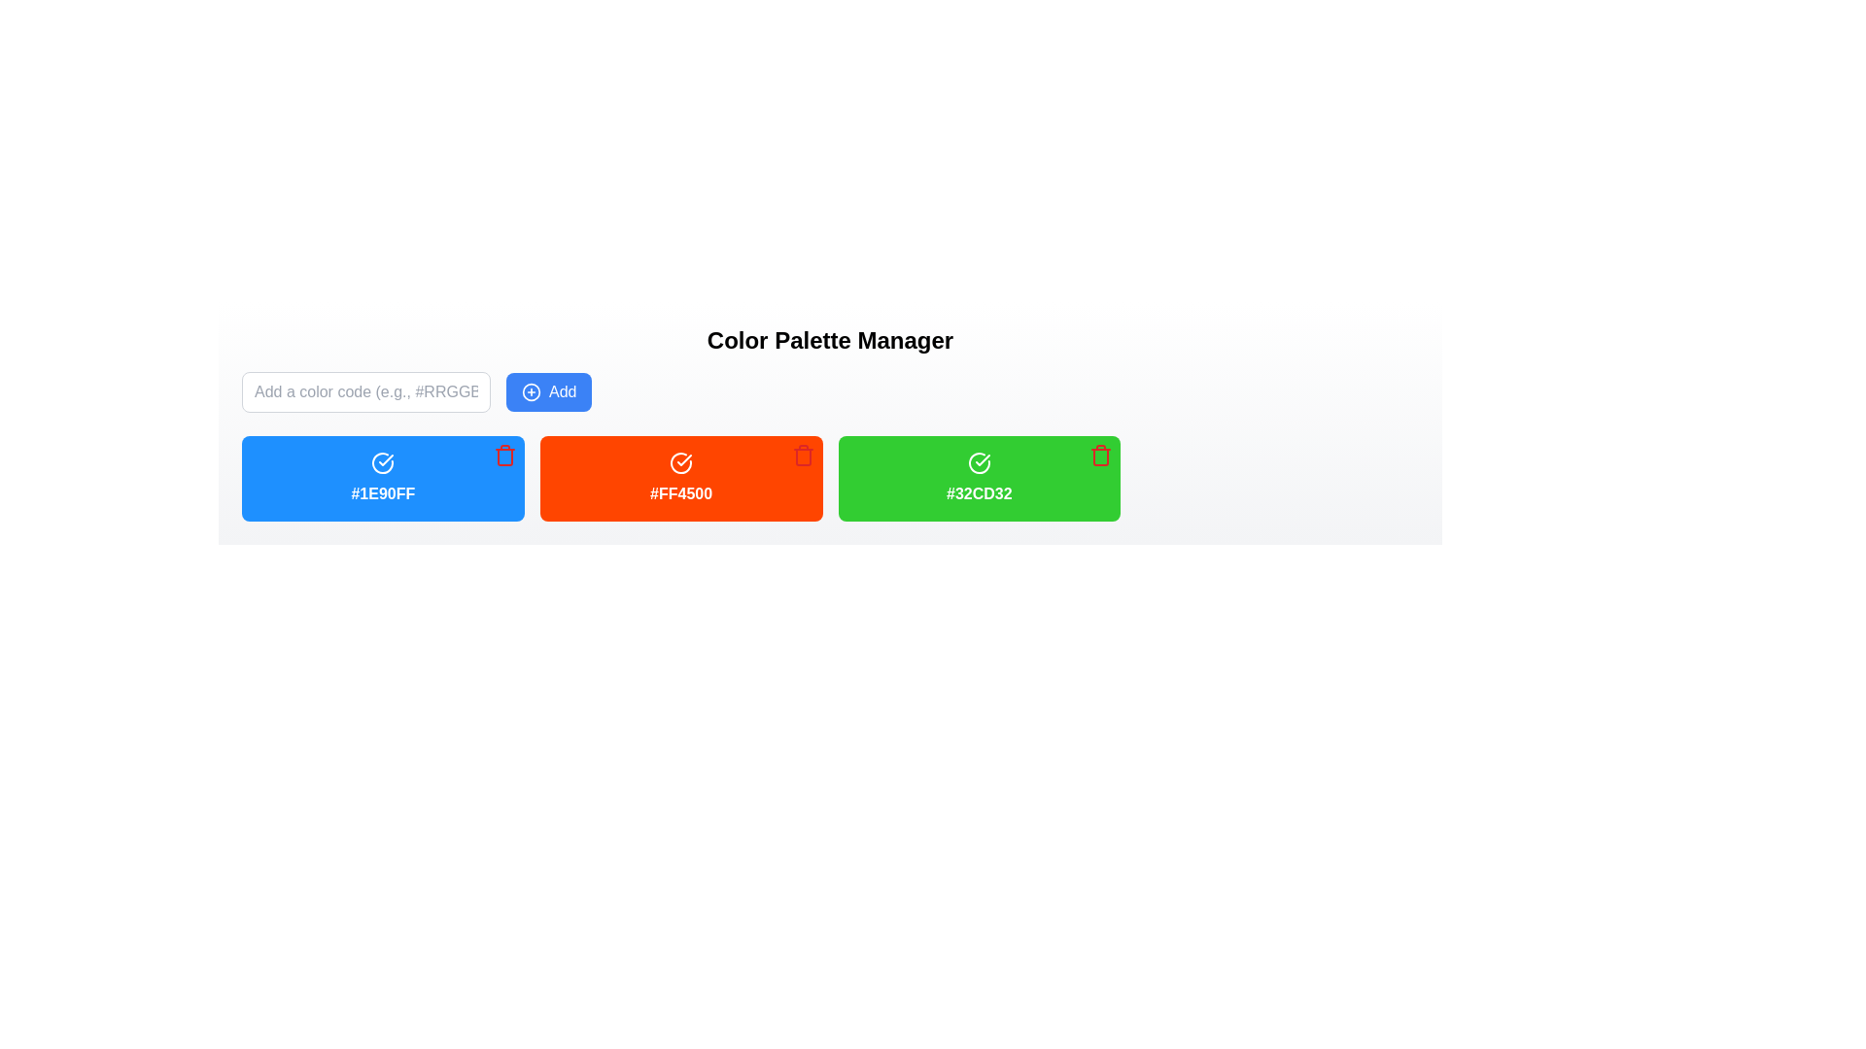  What do you see at coordinates (681, 493) in the screenshot?
I see `text displayed in the text label showing the hexadecimal color code '#FF4500', which is centrally positioned in the second color block of the color palette` at bounding box center [681, 493].